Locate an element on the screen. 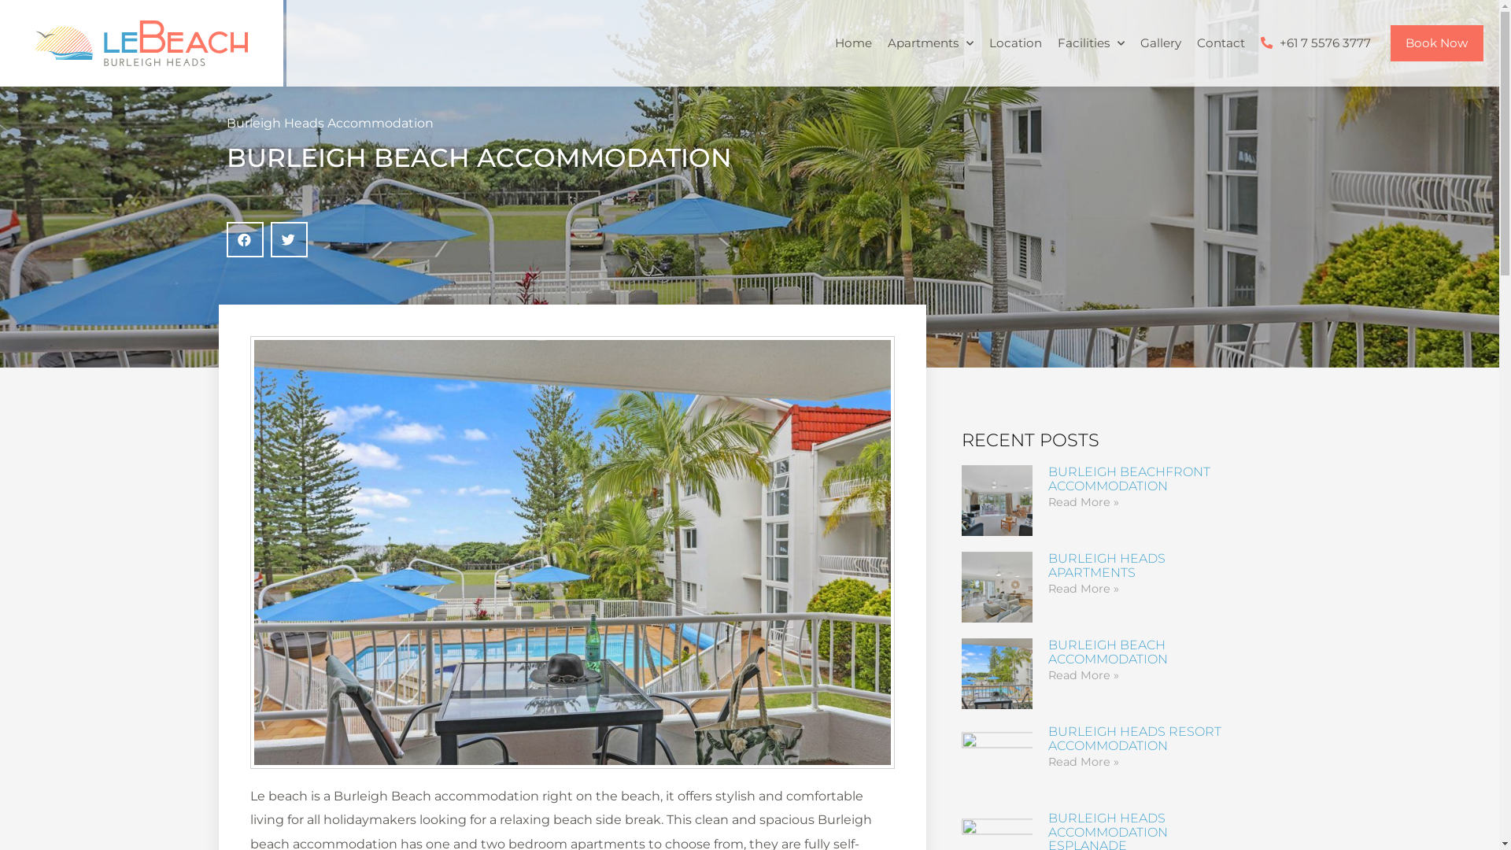 The height and width of the screenshot is (850, 1511). 'Home' is located at coordinates (826, 42).